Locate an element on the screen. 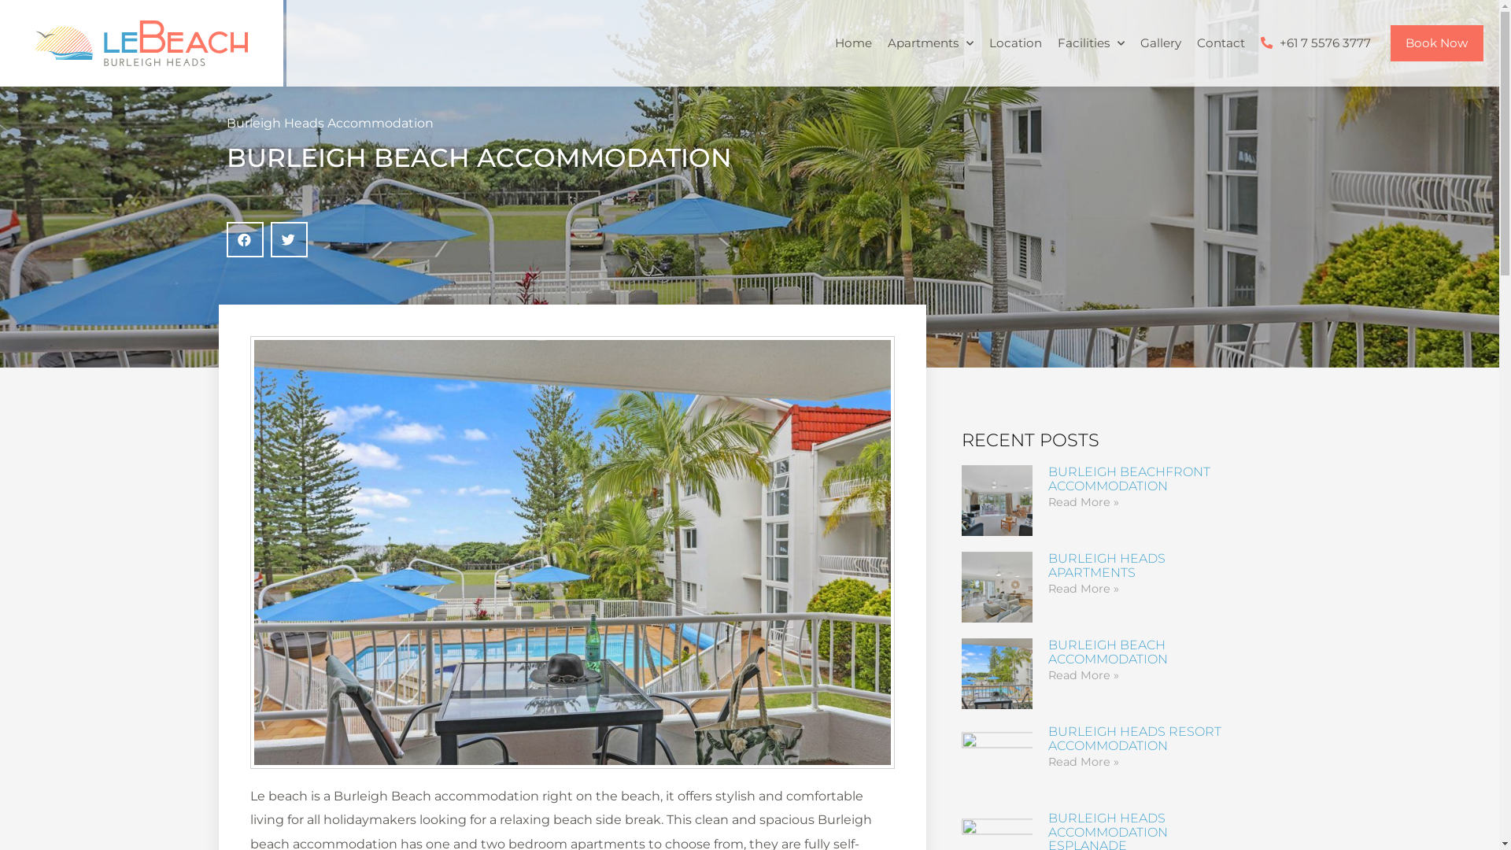 The height and width of the screenshot is (850, 1511). 'Home' is located at coordinates (826, 42).